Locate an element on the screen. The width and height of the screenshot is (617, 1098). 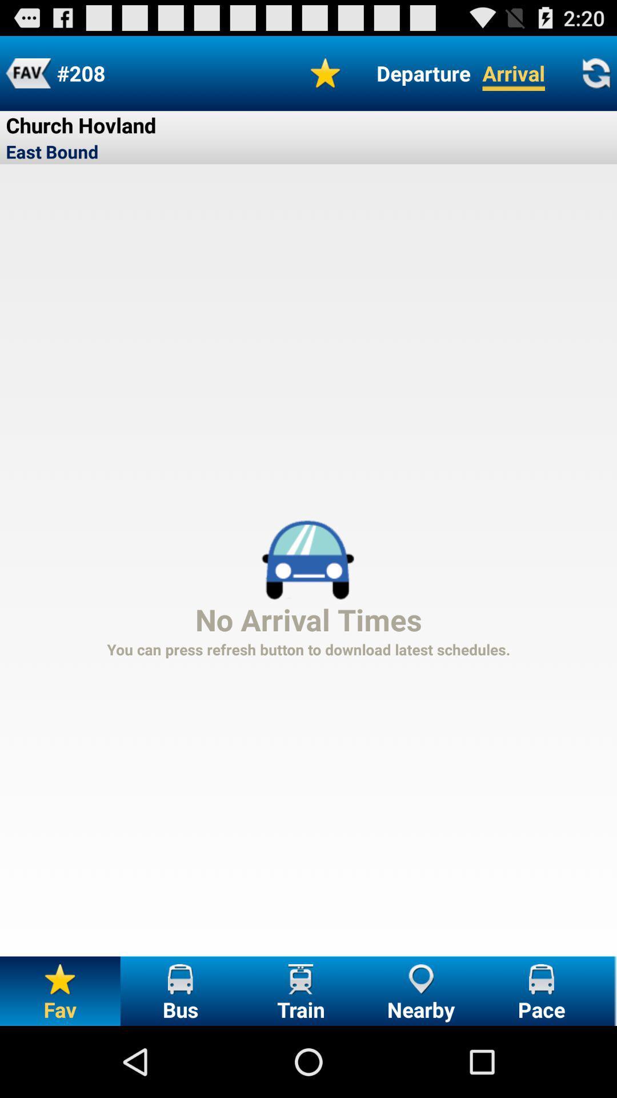
item above no arrival times item is located at coordinates (423, 73).